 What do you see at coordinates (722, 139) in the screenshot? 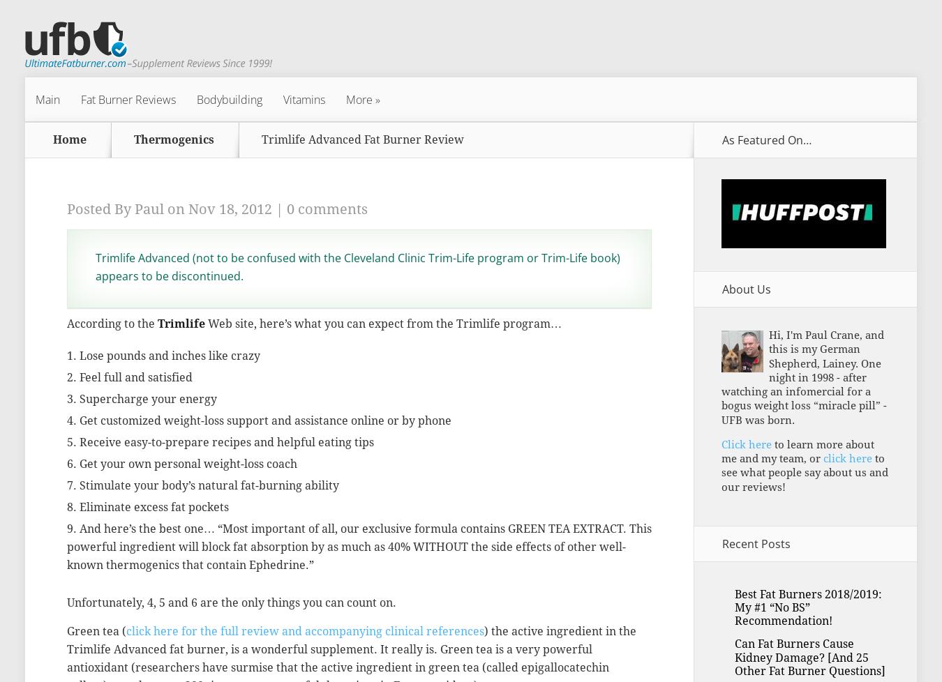
I see `'As Featured On…'` at bounding box center [722, 139].